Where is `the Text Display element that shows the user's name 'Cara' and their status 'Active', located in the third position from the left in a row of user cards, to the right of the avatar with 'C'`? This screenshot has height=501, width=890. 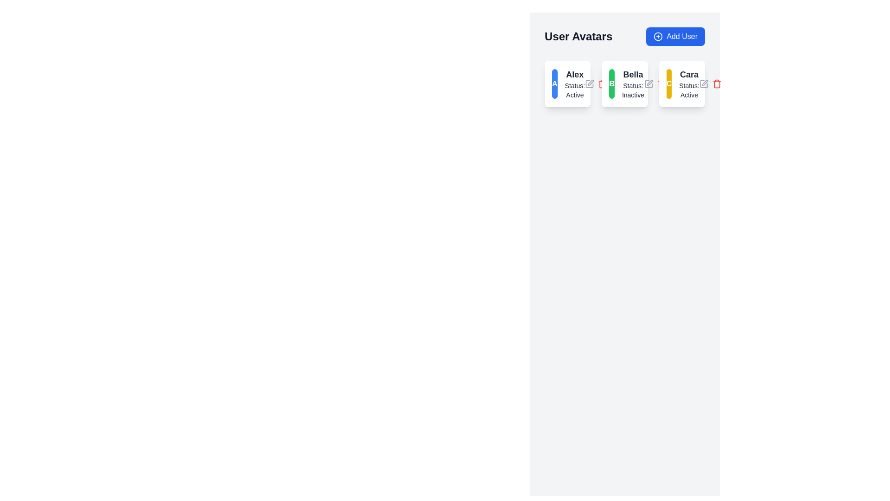 the Text Display element that shows the user's name 'Cara' and their status 'Active', located in the third position from the left in a row of user cards, to the right of the avatar with 'C' is located at coordinates (689, 84).